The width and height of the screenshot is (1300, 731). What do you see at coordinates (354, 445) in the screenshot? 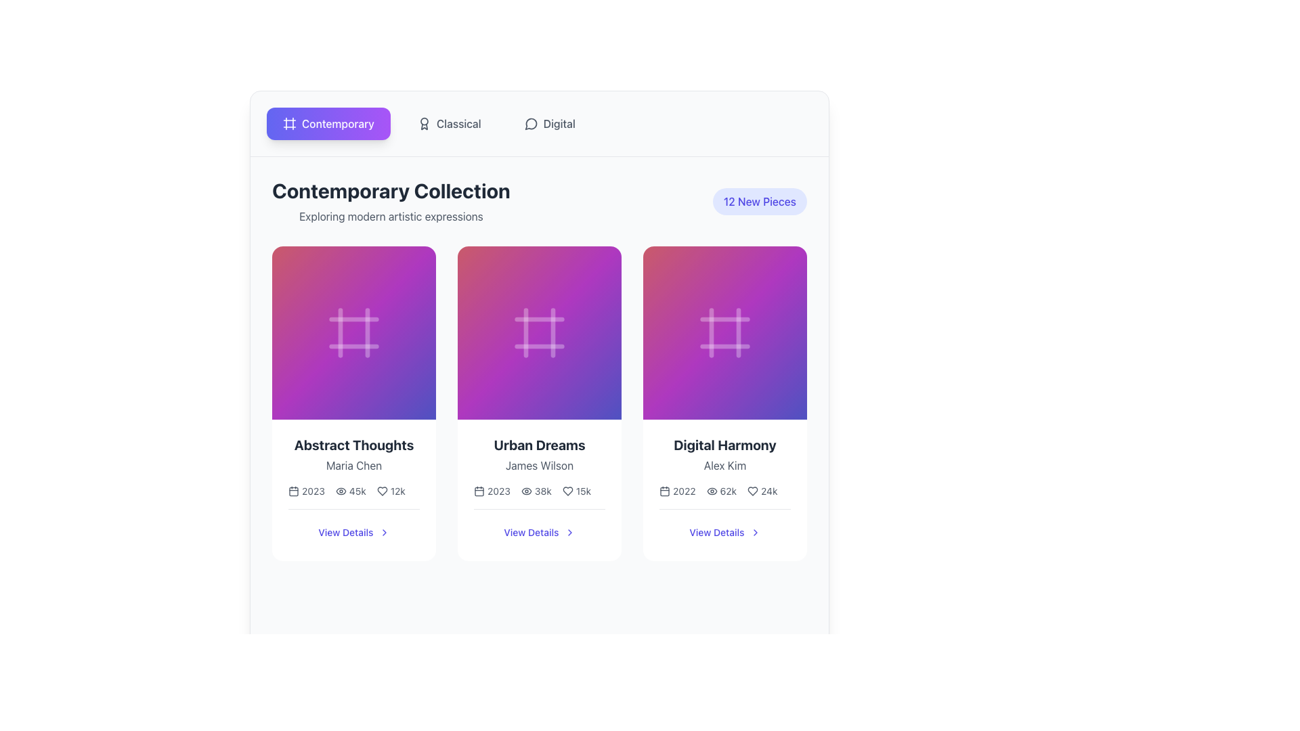
I see `title text label located at the top of the first card, which serves to draw attention to the primary subject, above the text 'Maria Chen'` at bounding box center [354, 445].